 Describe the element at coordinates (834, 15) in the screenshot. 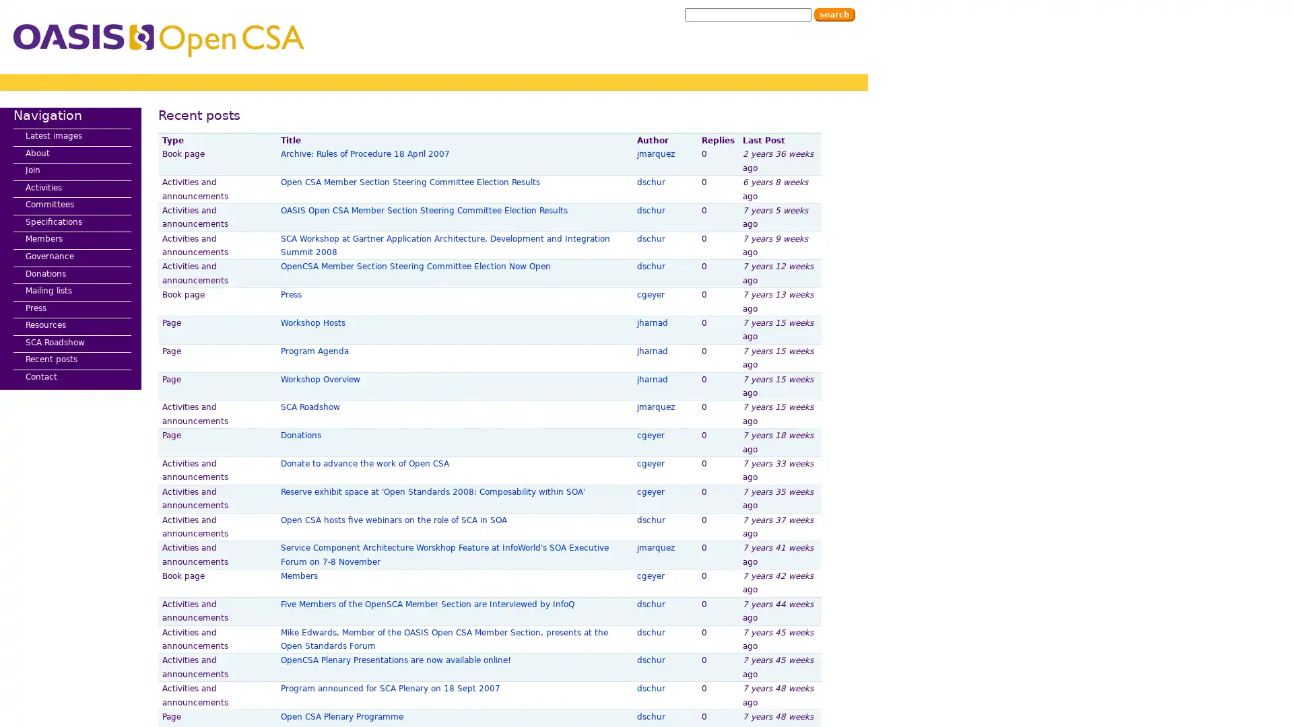

I see `Search` at that location.